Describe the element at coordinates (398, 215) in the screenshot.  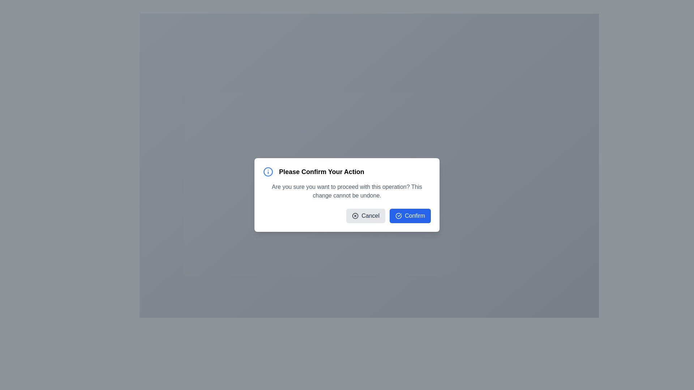
I see `the confirmation icon located to the left of the 'Confirm' button text` at that location.